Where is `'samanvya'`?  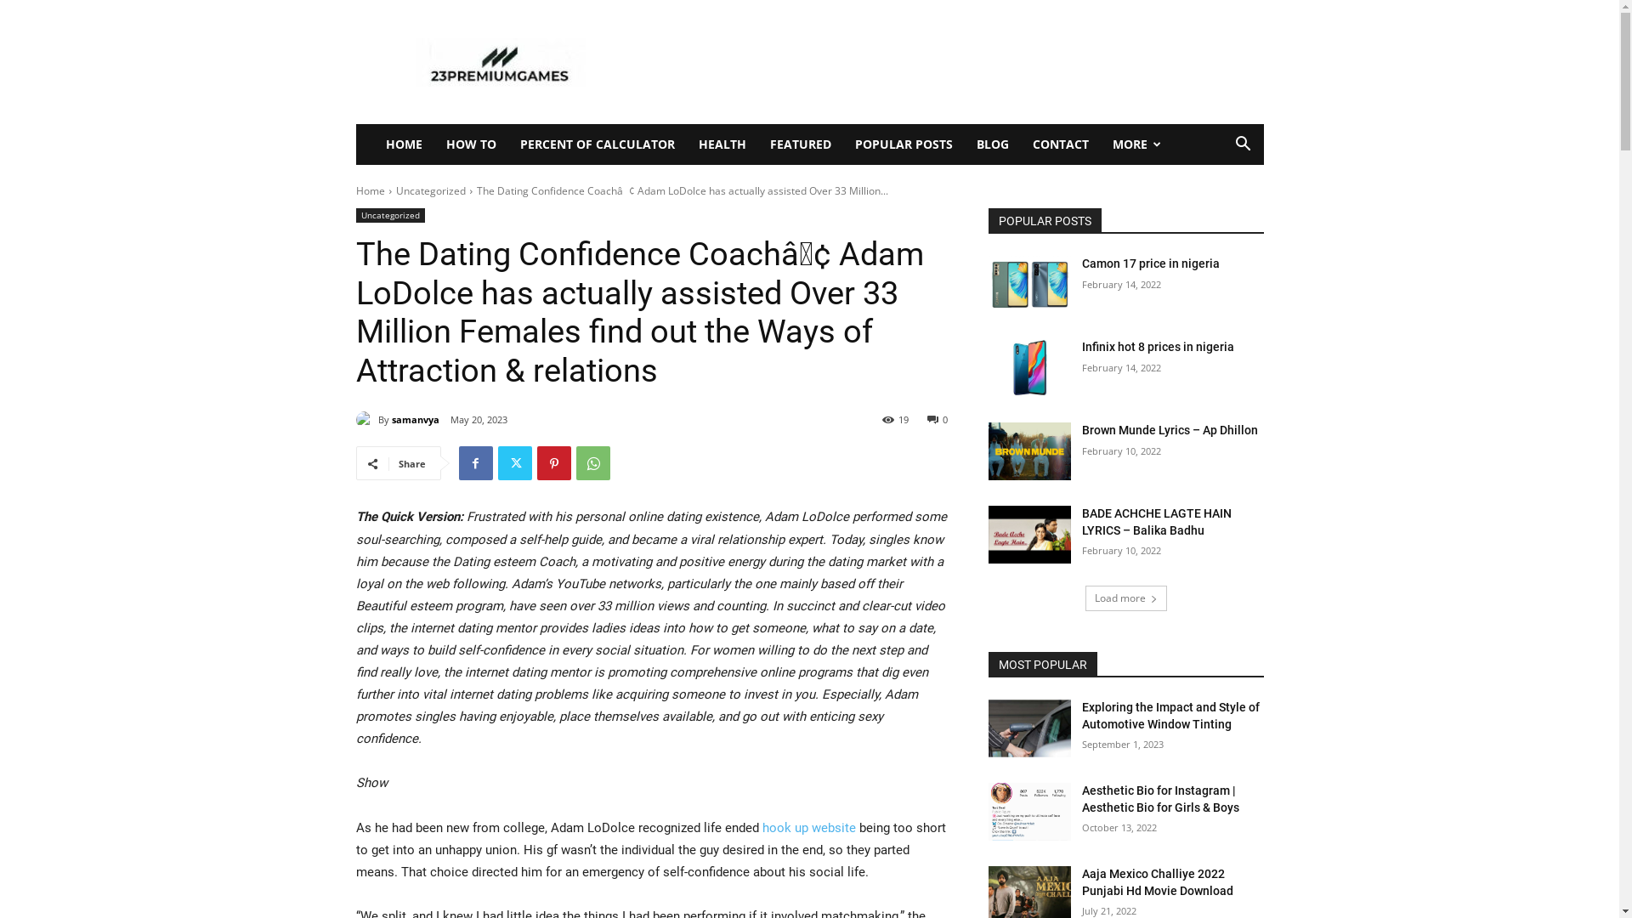
'samanvya' is located at coordinates (415, 419).